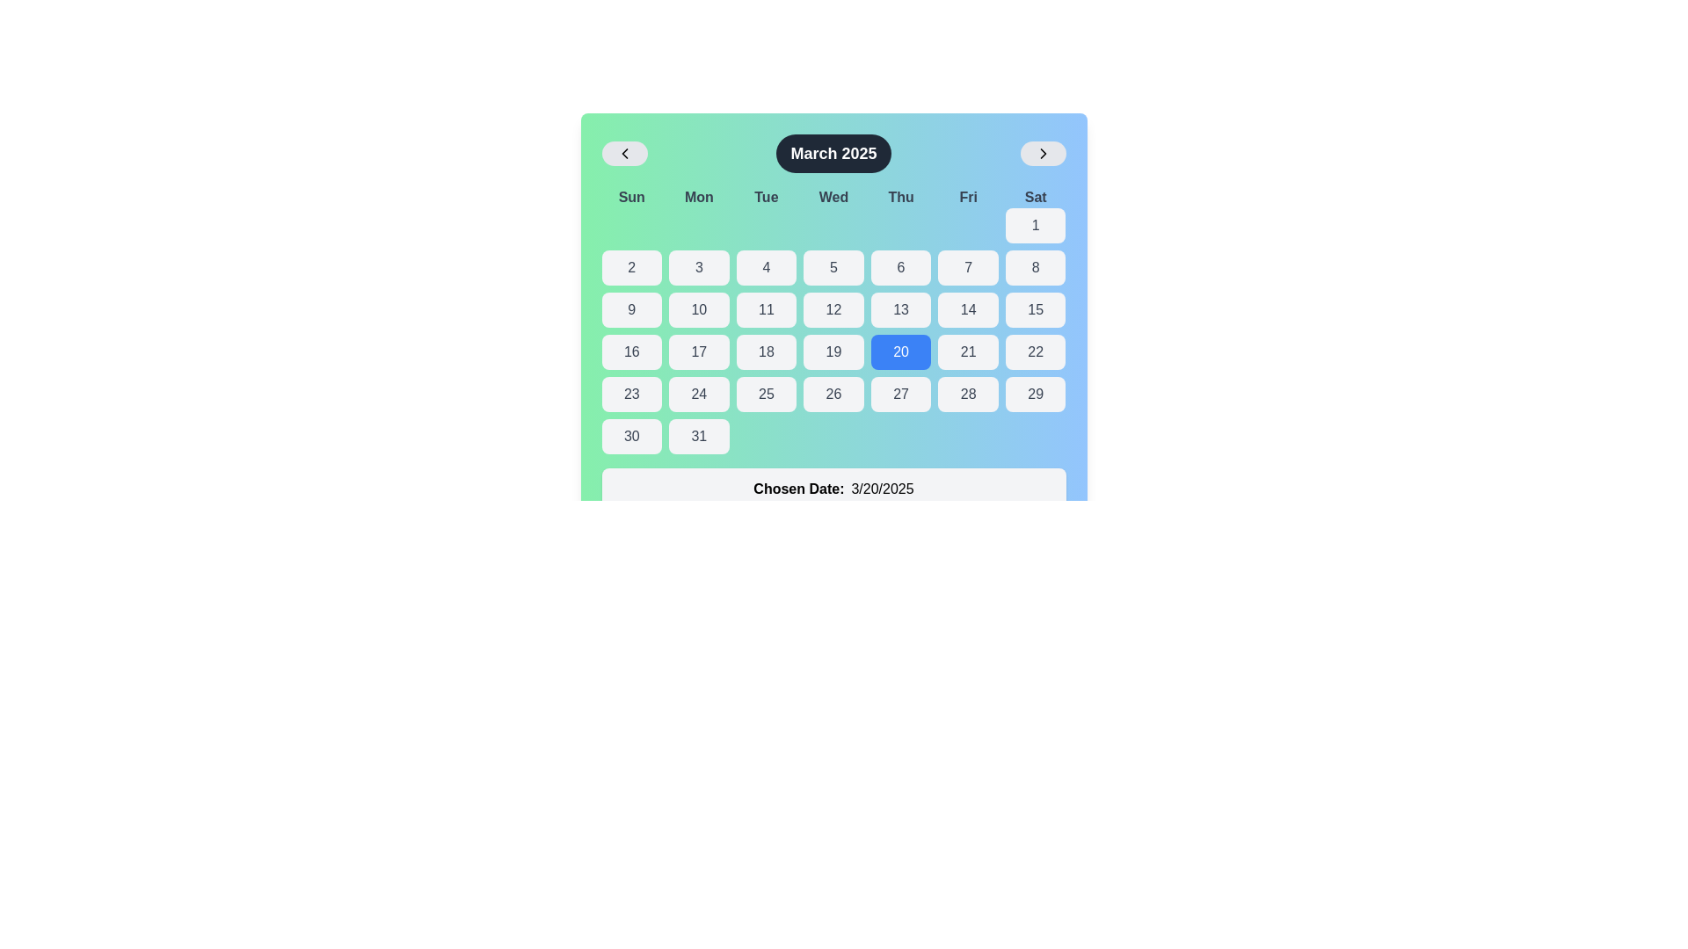 This screenshot has width=1688, height=949. I want to click on the Text label indicating 'Tue', which is the third element in the row of weekday labels in the calendar header, situated between 'Mon' and 'Wed', so click(766, 197).